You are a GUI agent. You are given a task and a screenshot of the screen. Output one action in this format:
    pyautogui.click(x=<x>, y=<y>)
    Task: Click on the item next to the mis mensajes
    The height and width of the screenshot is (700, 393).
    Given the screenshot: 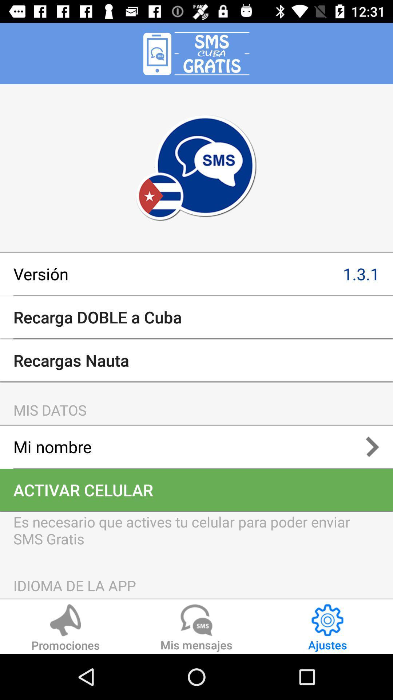 What is the action you would take?
    pyautogui.click(x=65, y=629)
    